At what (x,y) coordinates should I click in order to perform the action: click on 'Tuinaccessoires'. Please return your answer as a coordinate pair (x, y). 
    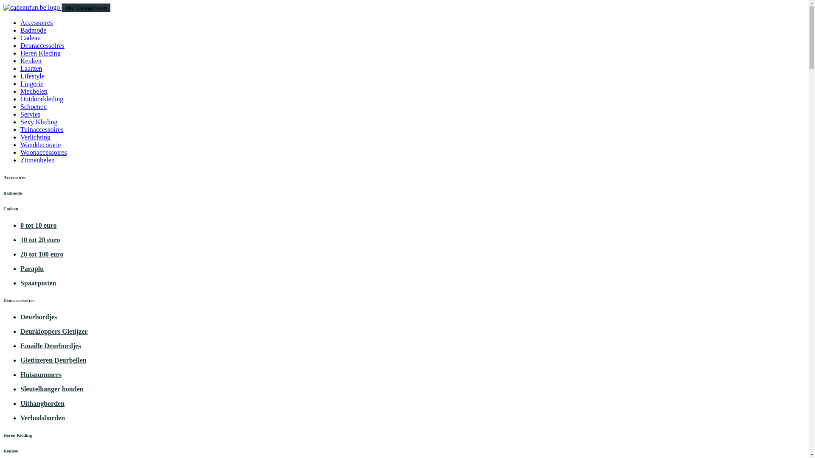
    Looking at the image, I should click on (42, 129).